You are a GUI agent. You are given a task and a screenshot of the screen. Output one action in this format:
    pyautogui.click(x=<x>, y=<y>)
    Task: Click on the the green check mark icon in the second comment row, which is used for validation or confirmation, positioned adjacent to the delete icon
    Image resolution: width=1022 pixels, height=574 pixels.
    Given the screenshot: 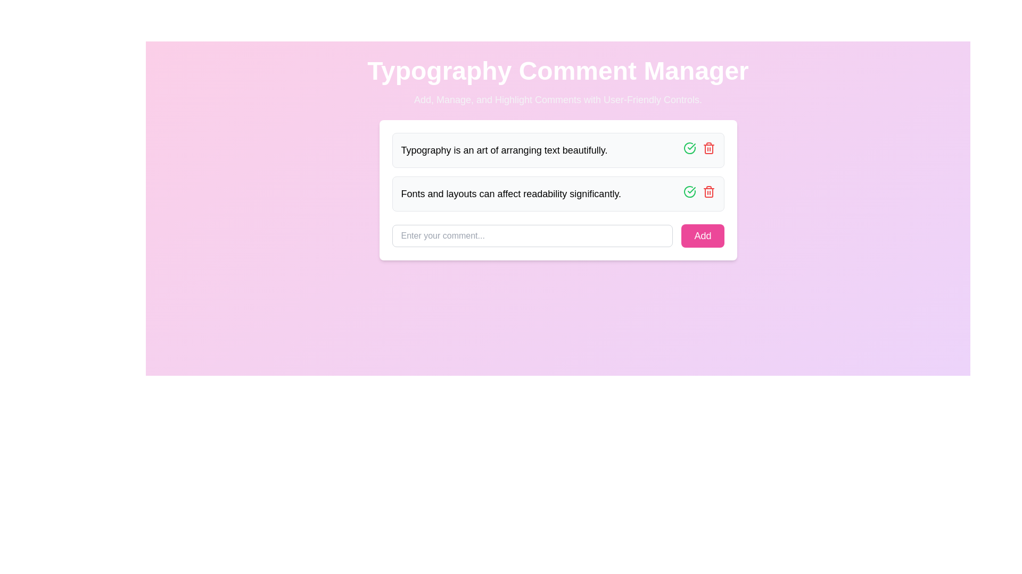 What is the action you would take?
    pyautogui.click(x=691, y=147)
    